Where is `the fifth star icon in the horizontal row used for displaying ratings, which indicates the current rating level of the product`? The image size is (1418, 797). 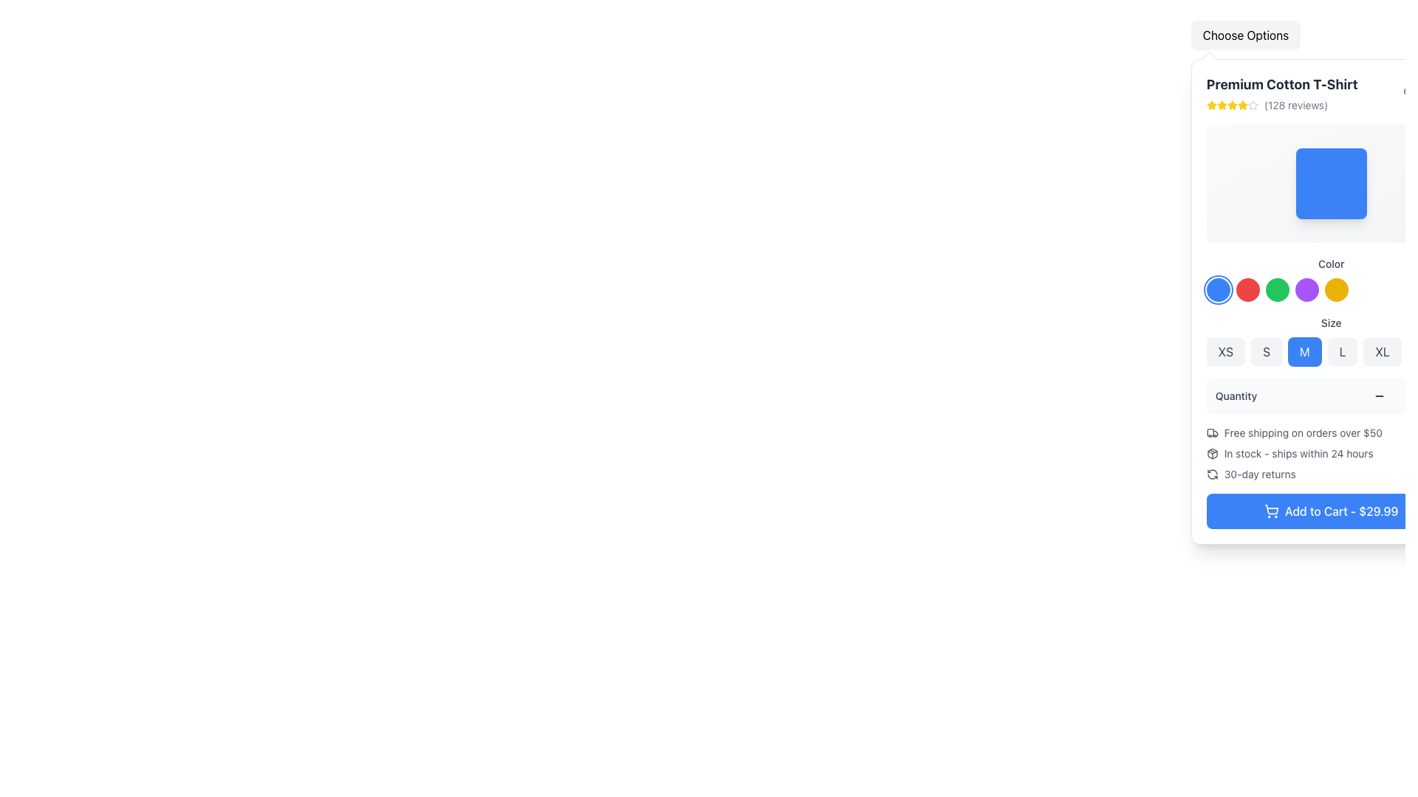 the fifth star icon in the horizontal row used for displaying ratings, which indicates the current rating level of the product is located at coordinates (1252, 104).